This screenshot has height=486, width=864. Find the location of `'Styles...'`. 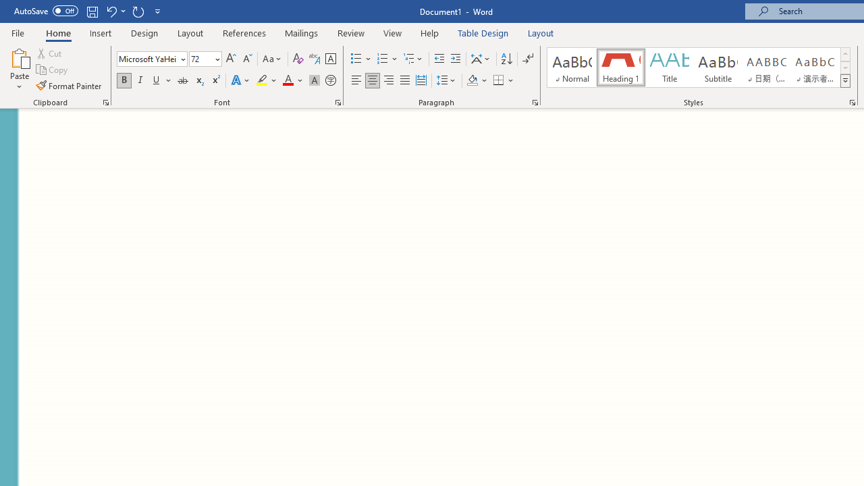

'Styles...' is located at coordinates (851, 101).